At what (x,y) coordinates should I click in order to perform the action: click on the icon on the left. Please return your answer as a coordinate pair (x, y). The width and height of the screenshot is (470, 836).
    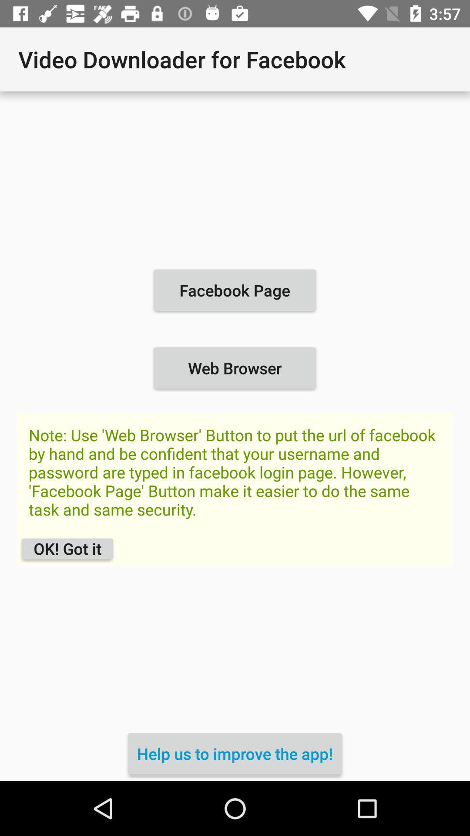
    Looking at the image, I should click on (67, 548).